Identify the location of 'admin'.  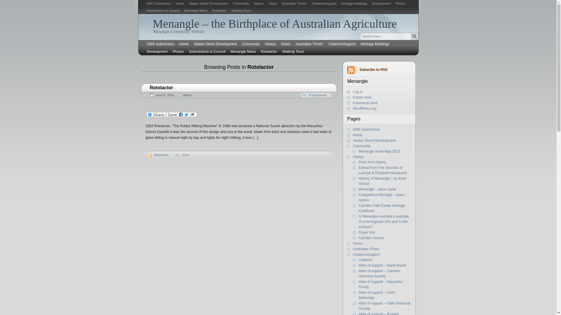
(187, 95).